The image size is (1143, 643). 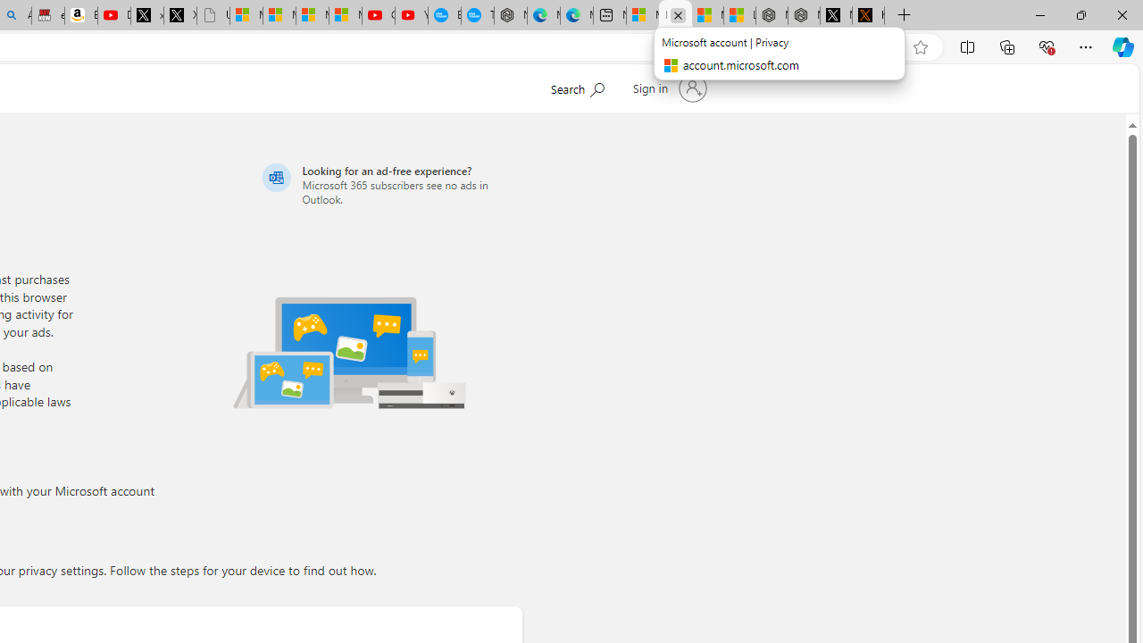 What do you see at coordinates (510, 15) in the screenshot?
I see `'Nordace - Nordace has arrived Hong Kong'` at bounding box center [510, 15].